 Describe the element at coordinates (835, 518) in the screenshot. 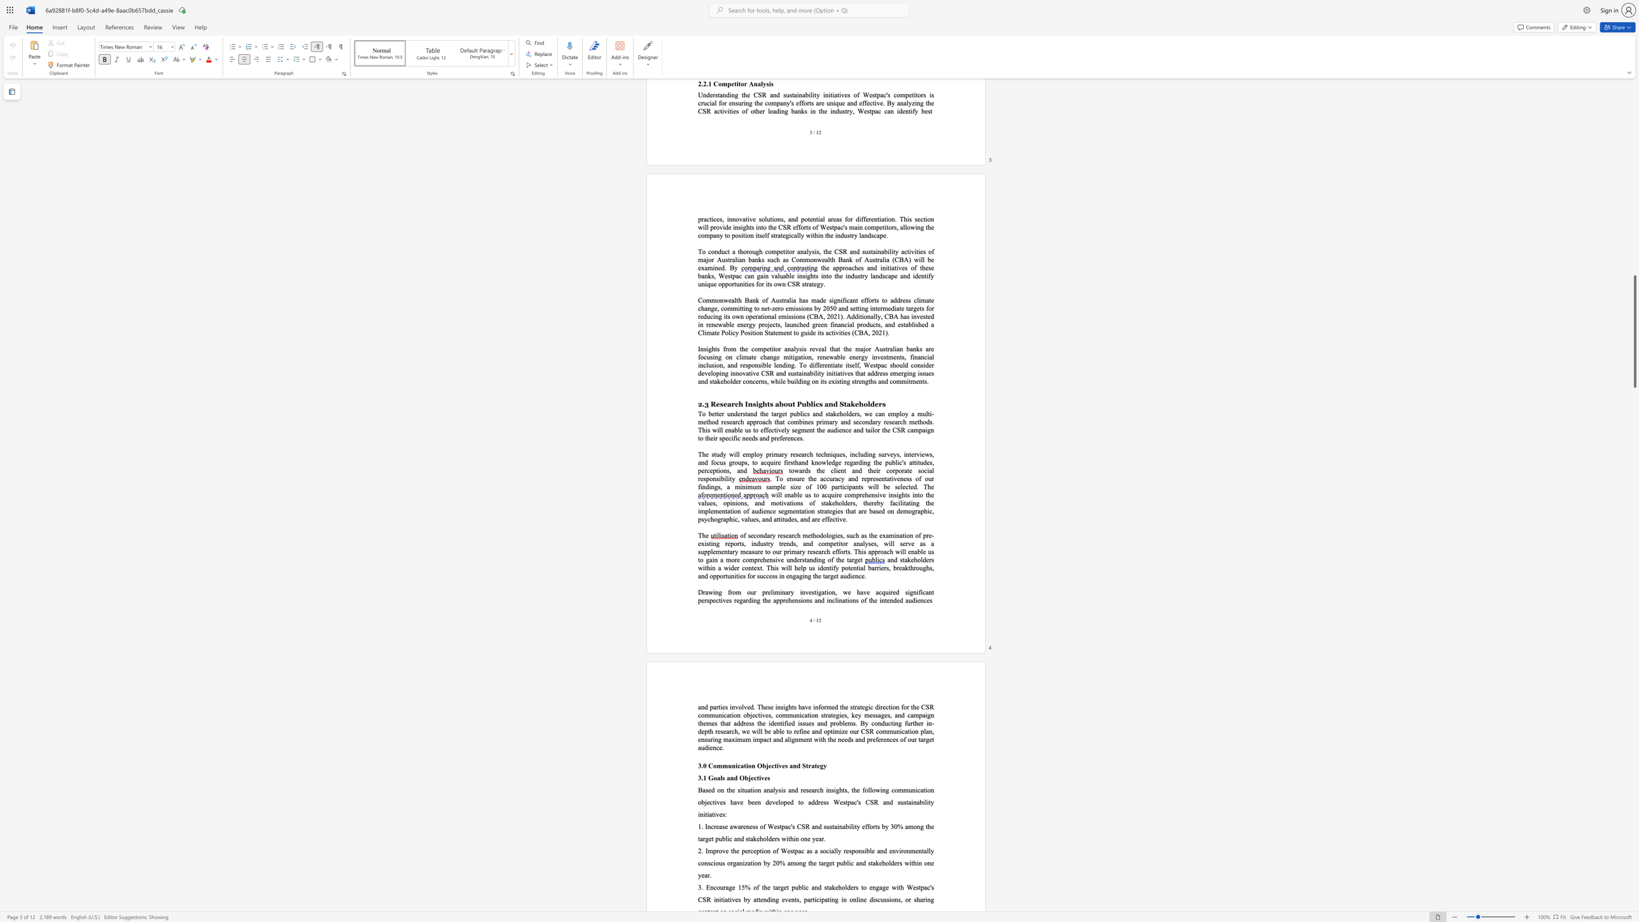

I see `the subset text "tiv" within the text "the implementation of audience segmentation strategies that are based on demographic, psychographic, values, and attitudes, and are effective."` at that location.